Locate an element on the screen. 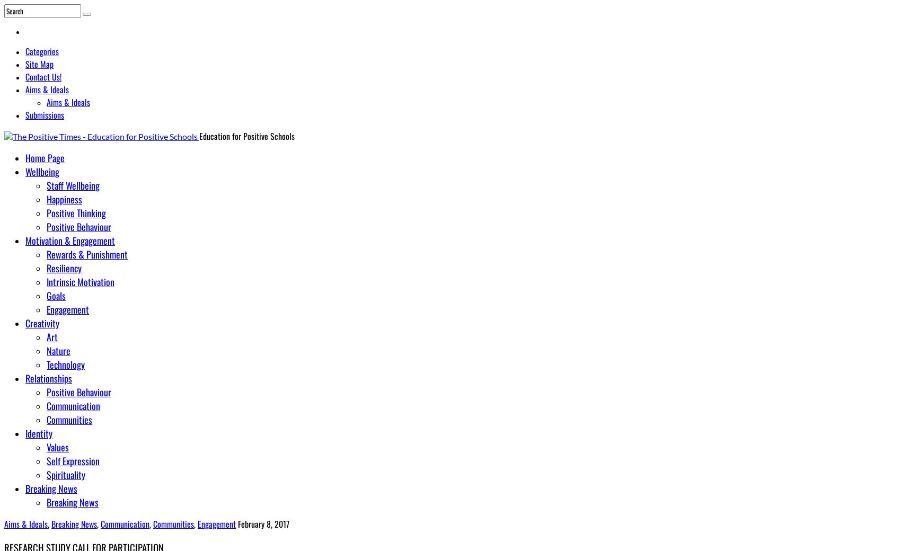  'Spirituality' is located at coordinates (65, 474).